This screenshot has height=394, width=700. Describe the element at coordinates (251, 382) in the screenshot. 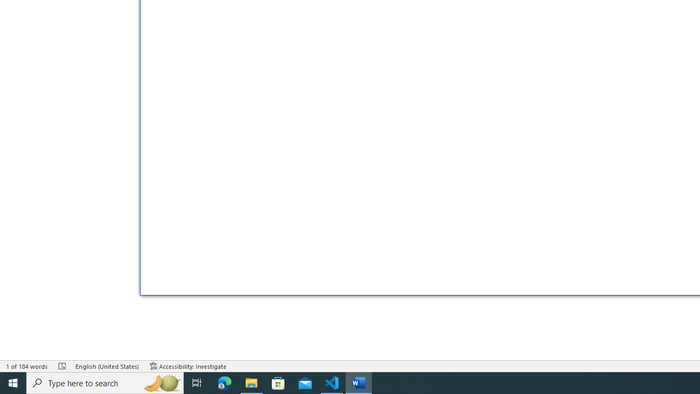

I see `'File Explorer - 1 running window'` at that location.